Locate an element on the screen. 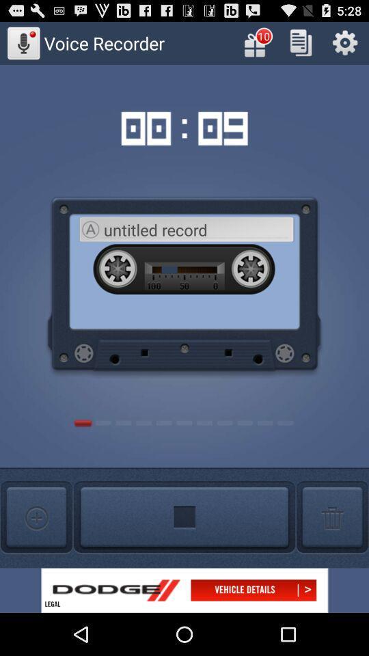 Image resolution: width=369 pixels, height=656 pixels. details about advertisement is located at coordinates (184, 590).